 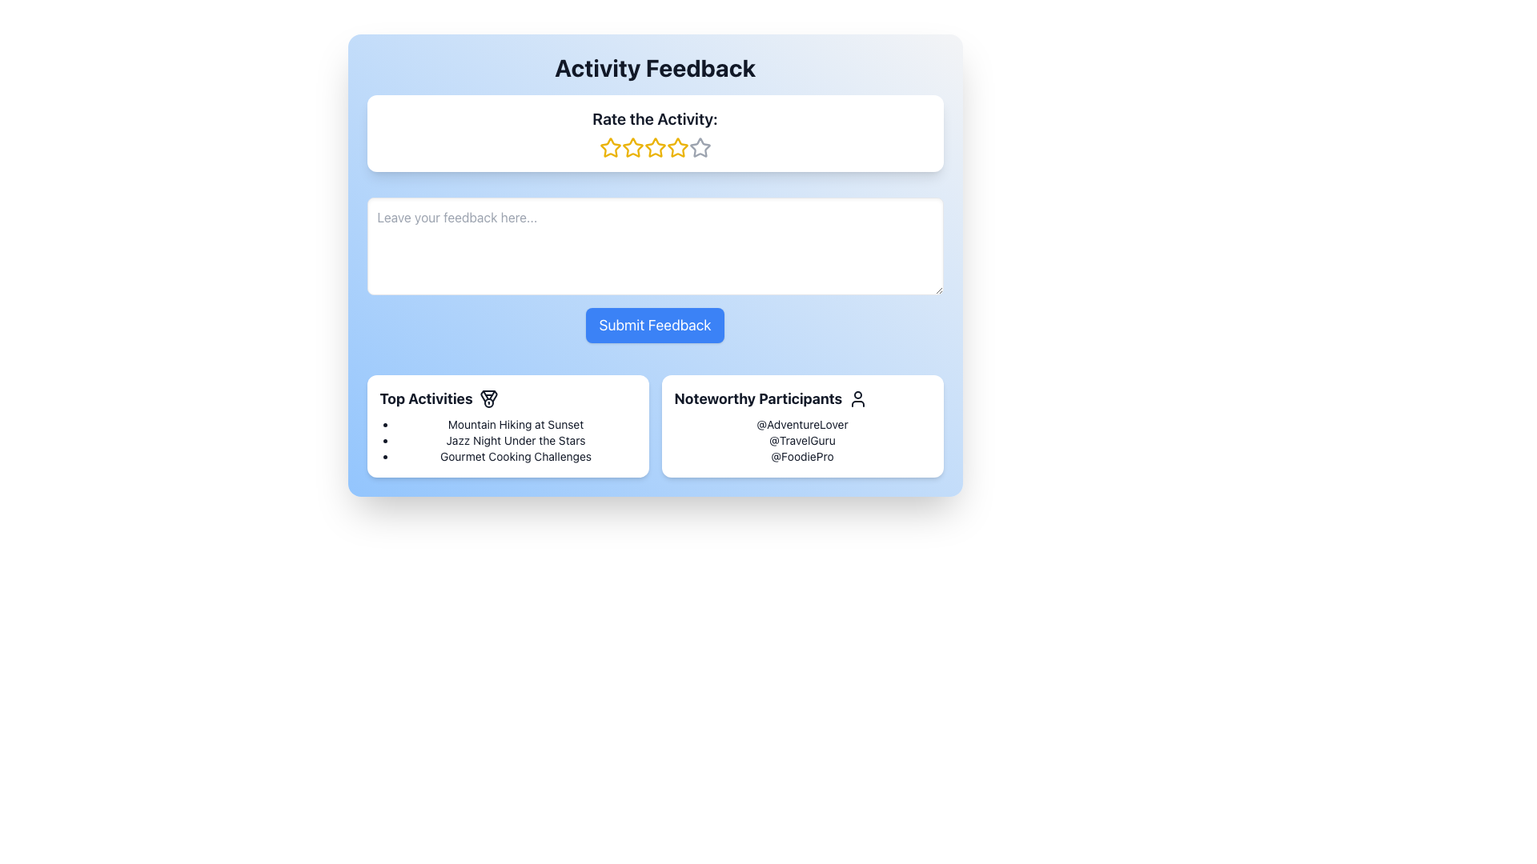 I want to click on the second item in the bulleted list within the 'Top Activities' section, which serves as an informative text label, so click(x=516, y=441).